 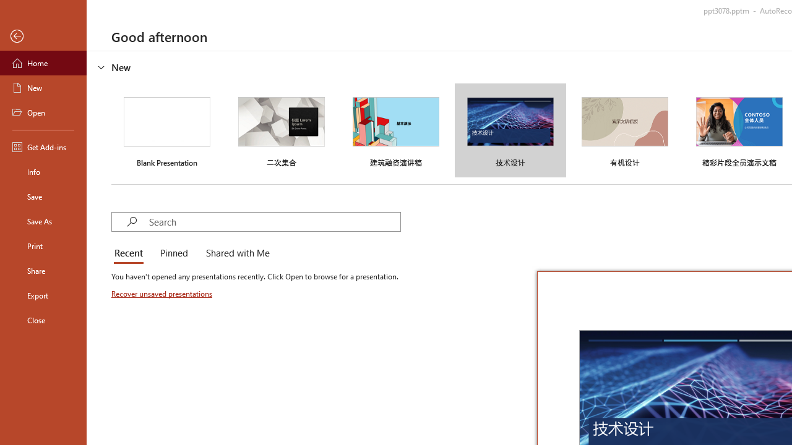 I want to click on 'Hide or show region', so click(x=101, y=67).